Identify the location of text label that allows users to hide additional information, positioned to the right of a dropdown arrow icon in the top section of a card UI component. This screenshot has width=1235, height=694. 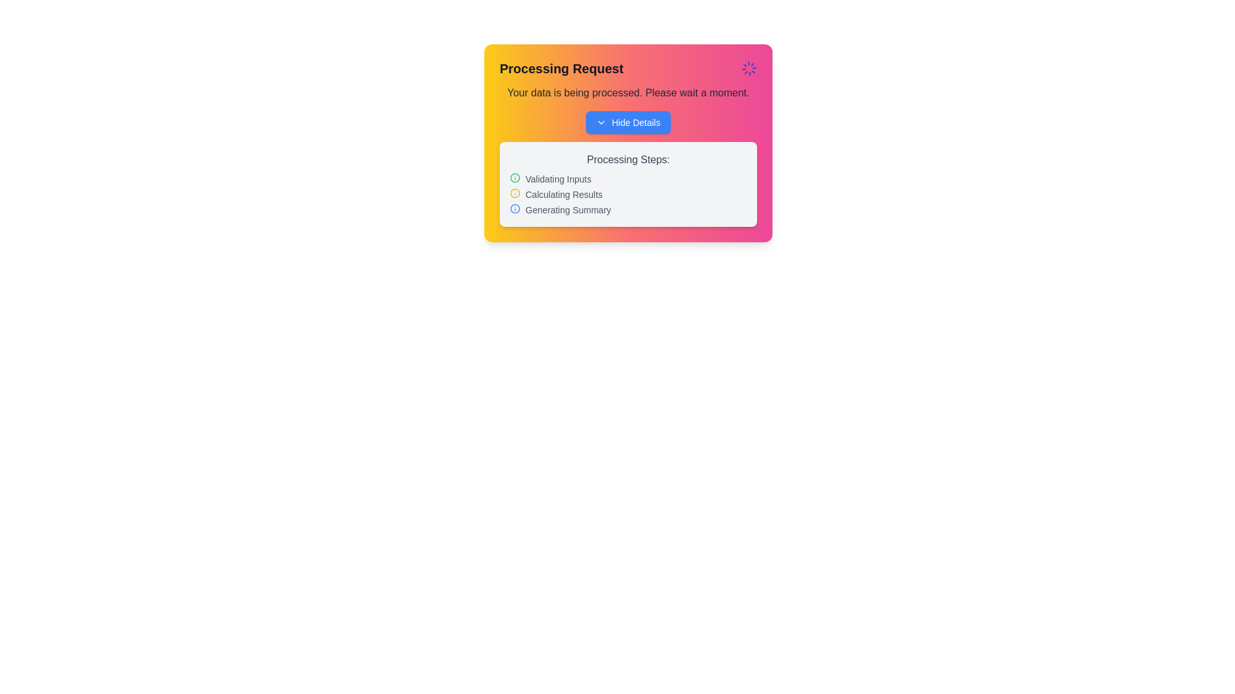
(636, 123).